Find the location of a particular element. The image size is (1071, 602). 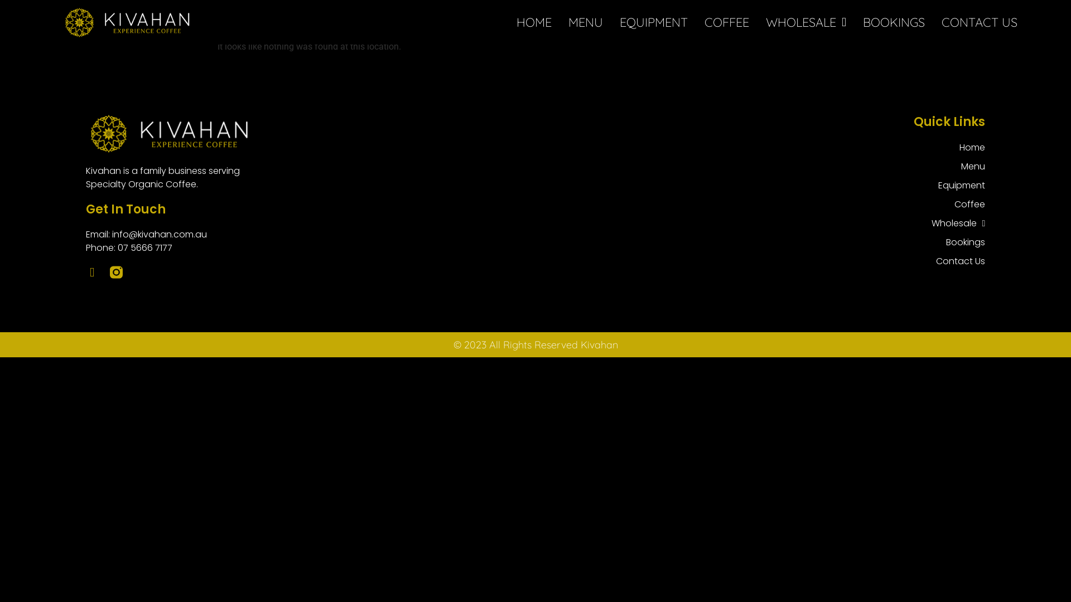

'WHOLESALE' is located at coordinates (805, 22).